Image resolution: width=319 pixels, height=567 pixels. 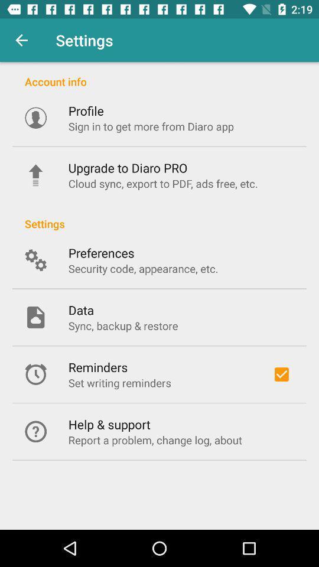 What do you see at coordinates (119, 382) in the screenshot?
I see `set writing reminders icon` at bounding box center [119, 382].